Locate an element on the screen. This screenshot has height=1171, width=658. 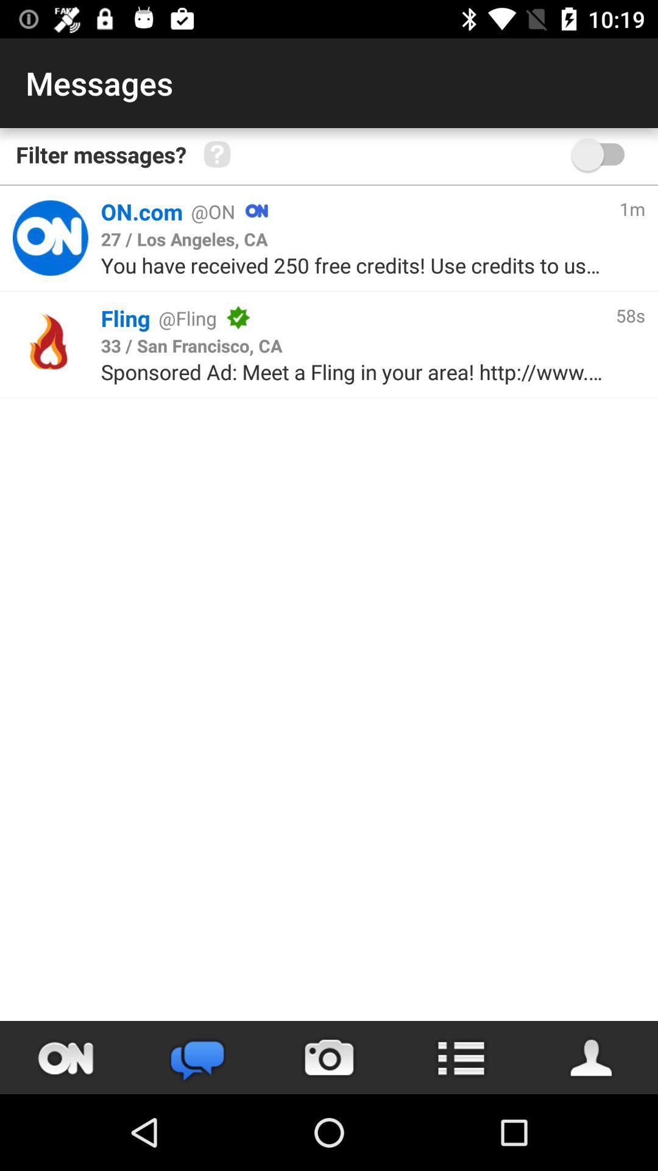
take picture is located at coordinates (329, 1057).